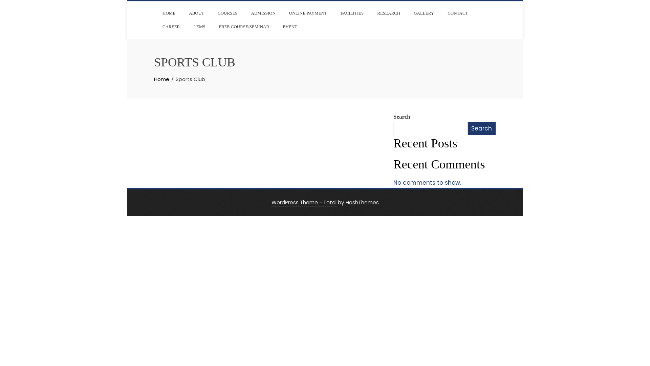  Describe the element at coordinates (424, 13) in the screenshot. I see `'GALLERY'` at that location.